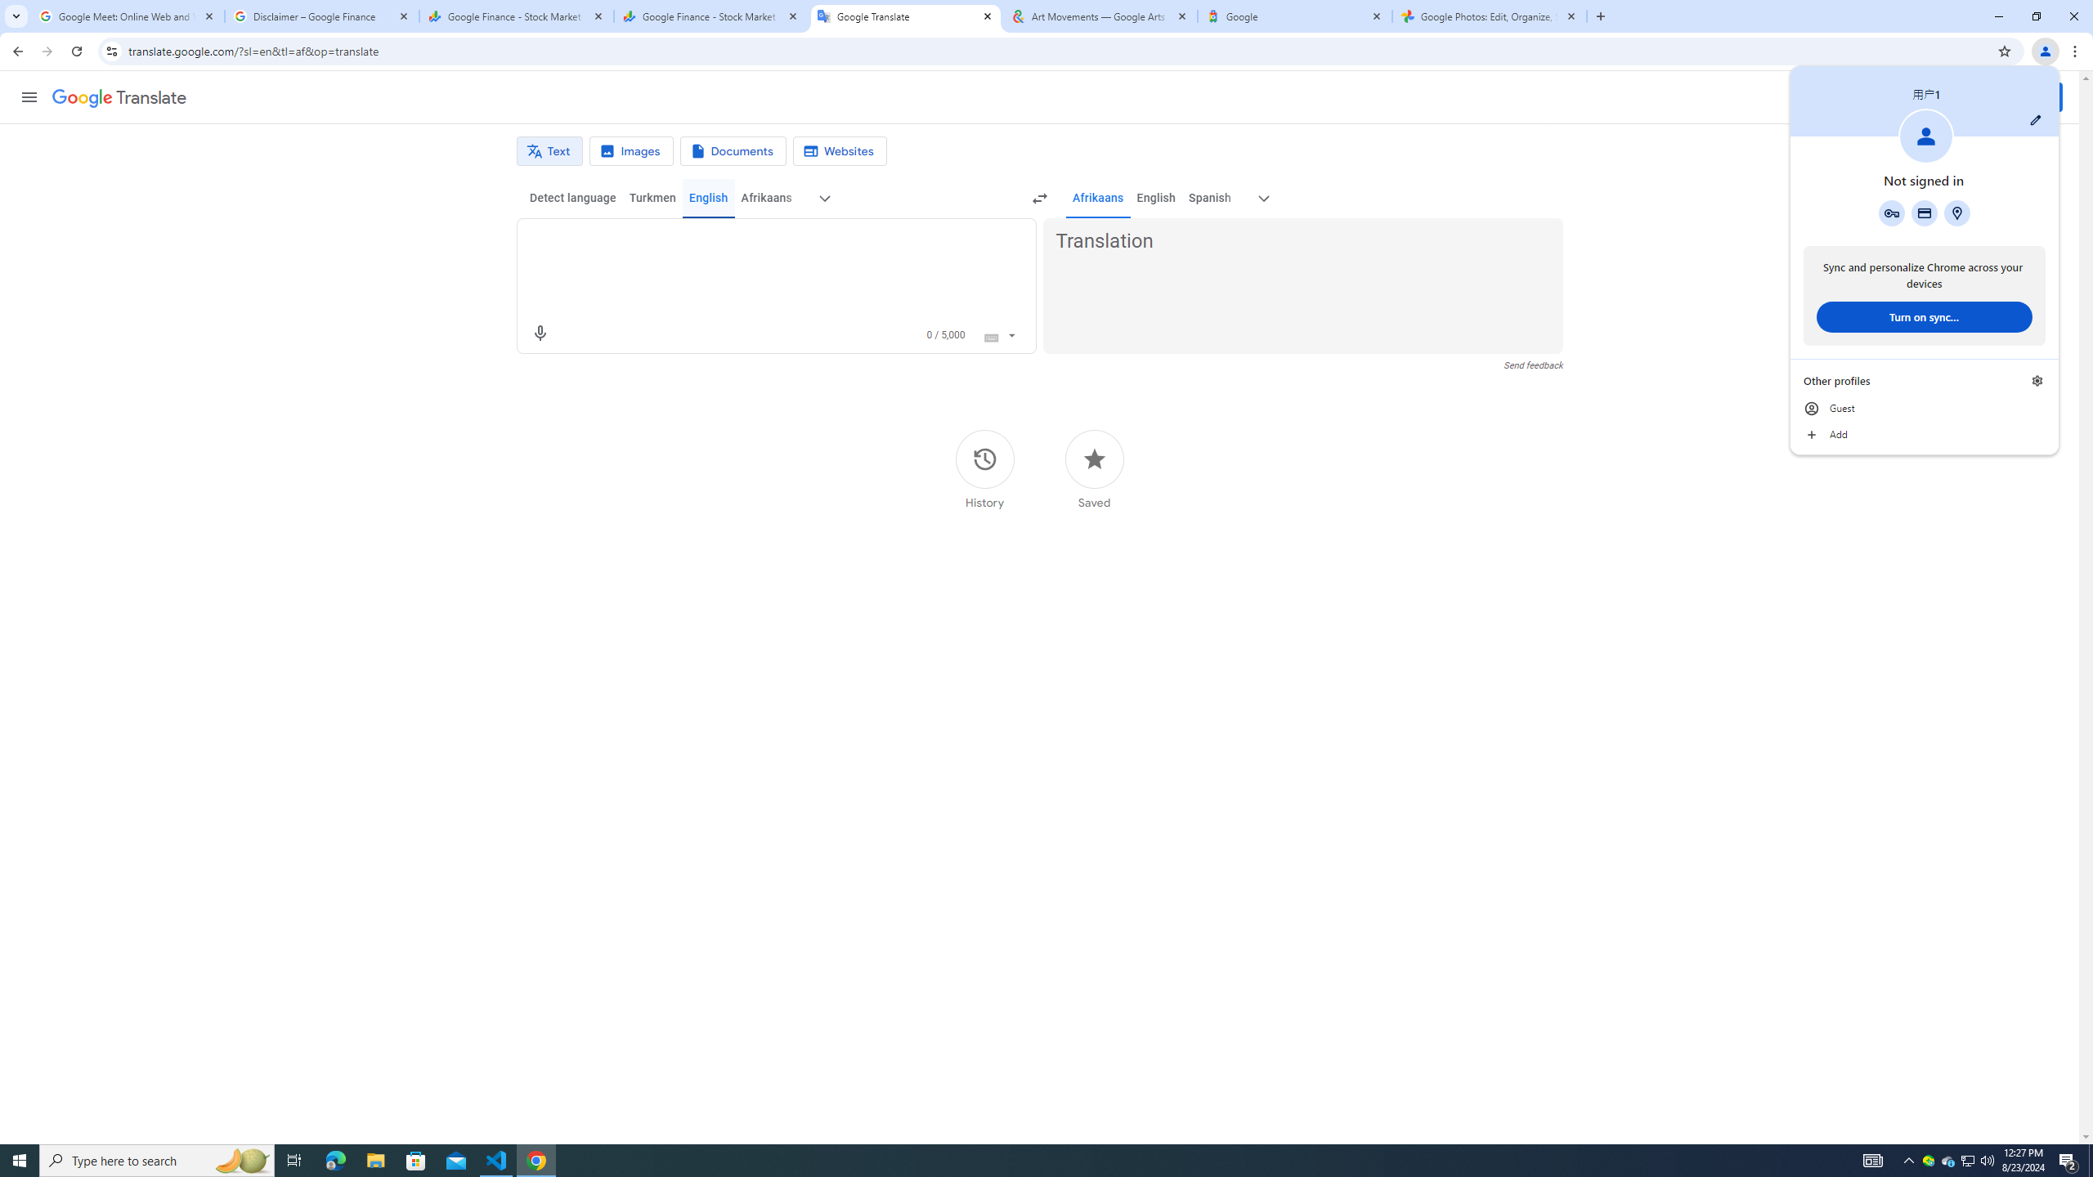 This screenshot has width=2093, height=1177. I want to click on 'Google Translate', so click(906, 16).